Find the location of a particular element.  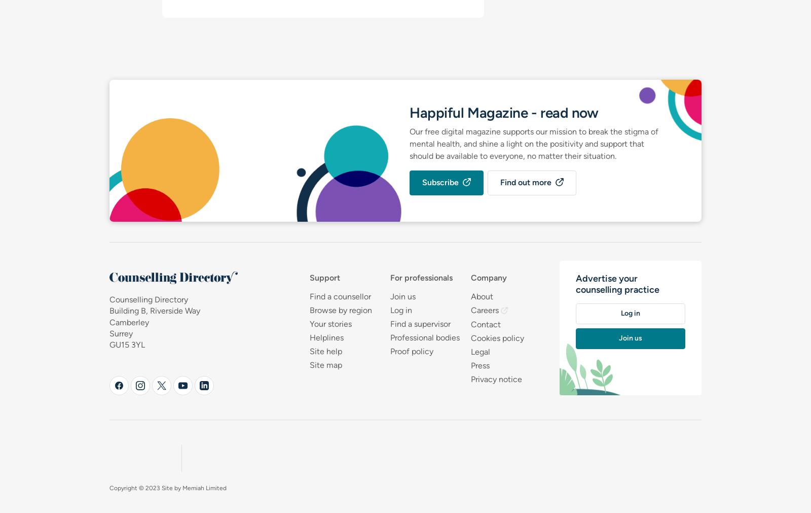

'Legal' is located at coordinates (480, 351).